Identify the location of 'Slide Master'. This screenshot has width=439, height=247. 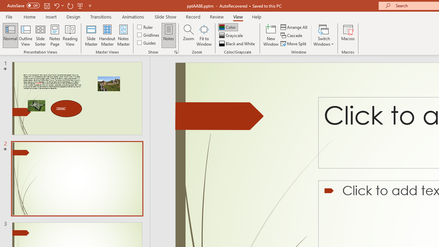
(91, 35).